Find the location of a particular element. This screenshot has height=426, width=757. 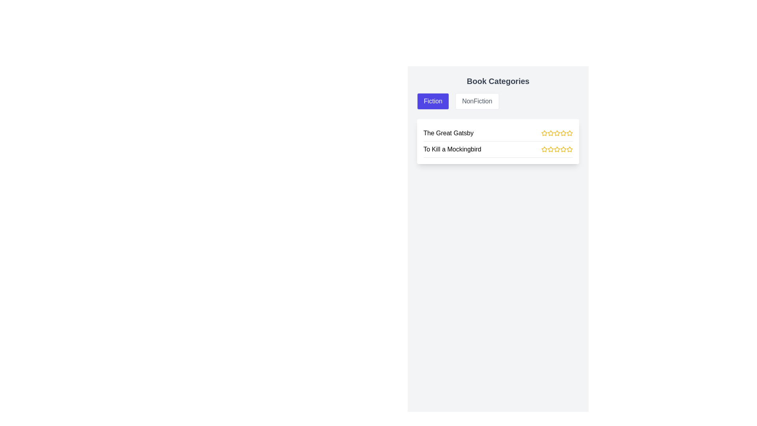

the NonFiction button on the Toggle selector for category selection of books, located below 'Book Categories' is located at coordinates (498, 101).